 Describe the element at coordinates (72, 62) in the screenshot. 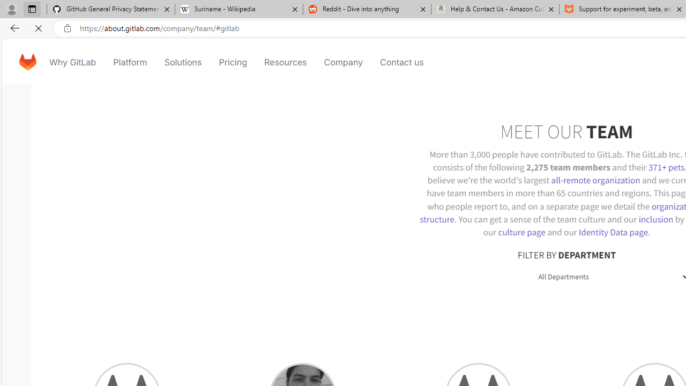

I see `'Why GitLab'` at that location.